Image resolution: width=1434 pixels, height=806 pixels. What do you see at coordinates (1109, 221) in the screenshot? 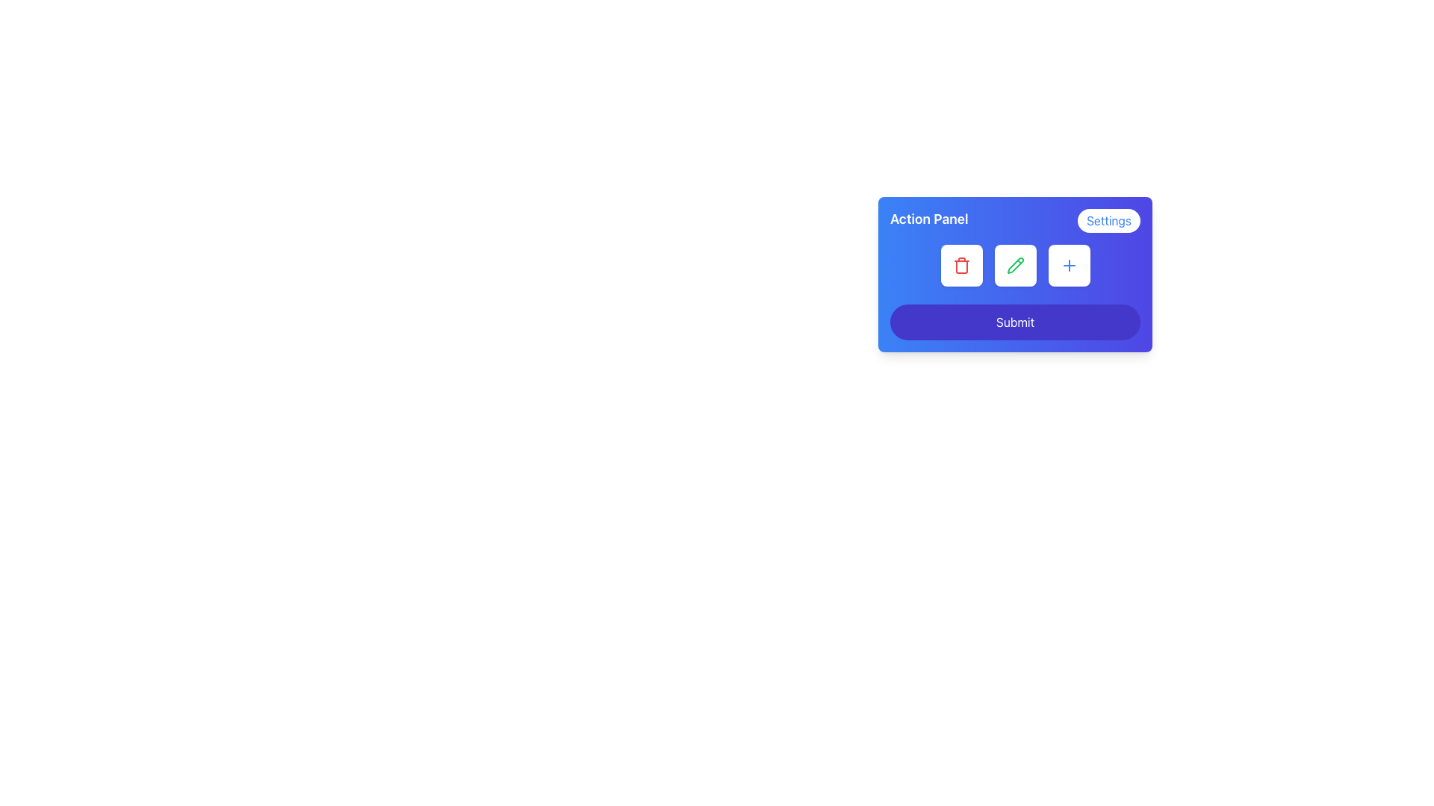
I see `the 'Settings' button` at bounding box center [1109, 221].